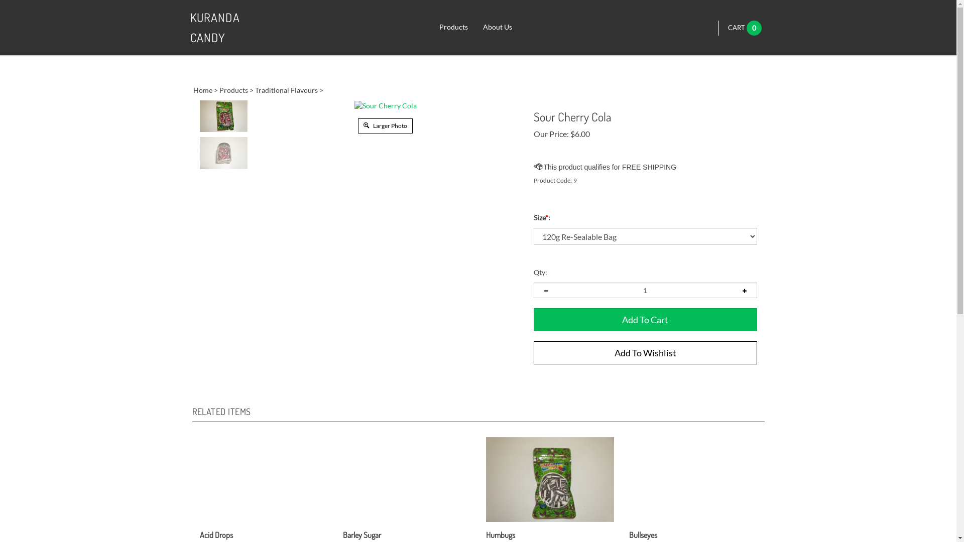 The image size is (964, 542). Describe the element at coordinates (216, 534) in the screenshot. I see `'Acid Drops'` at that location.